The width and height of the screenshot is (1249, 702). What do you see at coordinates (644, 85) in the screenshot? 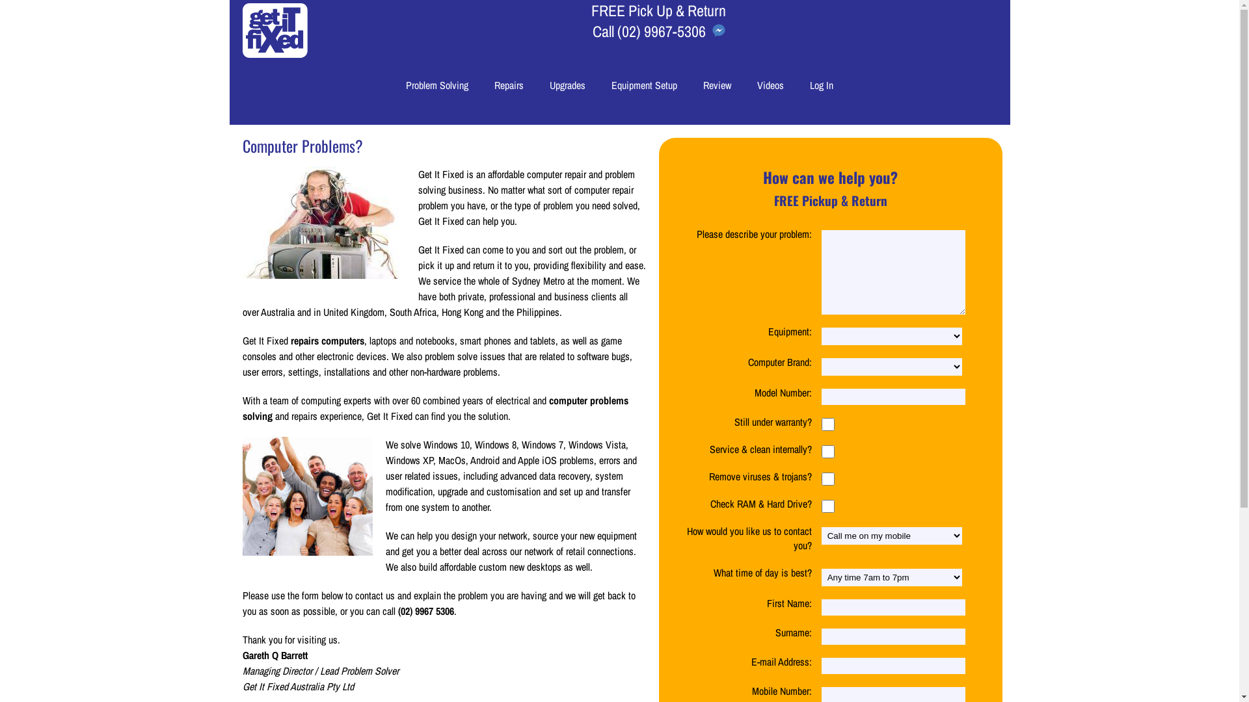
I see `'Equipment Setup'` at bounding box center [644, 85].